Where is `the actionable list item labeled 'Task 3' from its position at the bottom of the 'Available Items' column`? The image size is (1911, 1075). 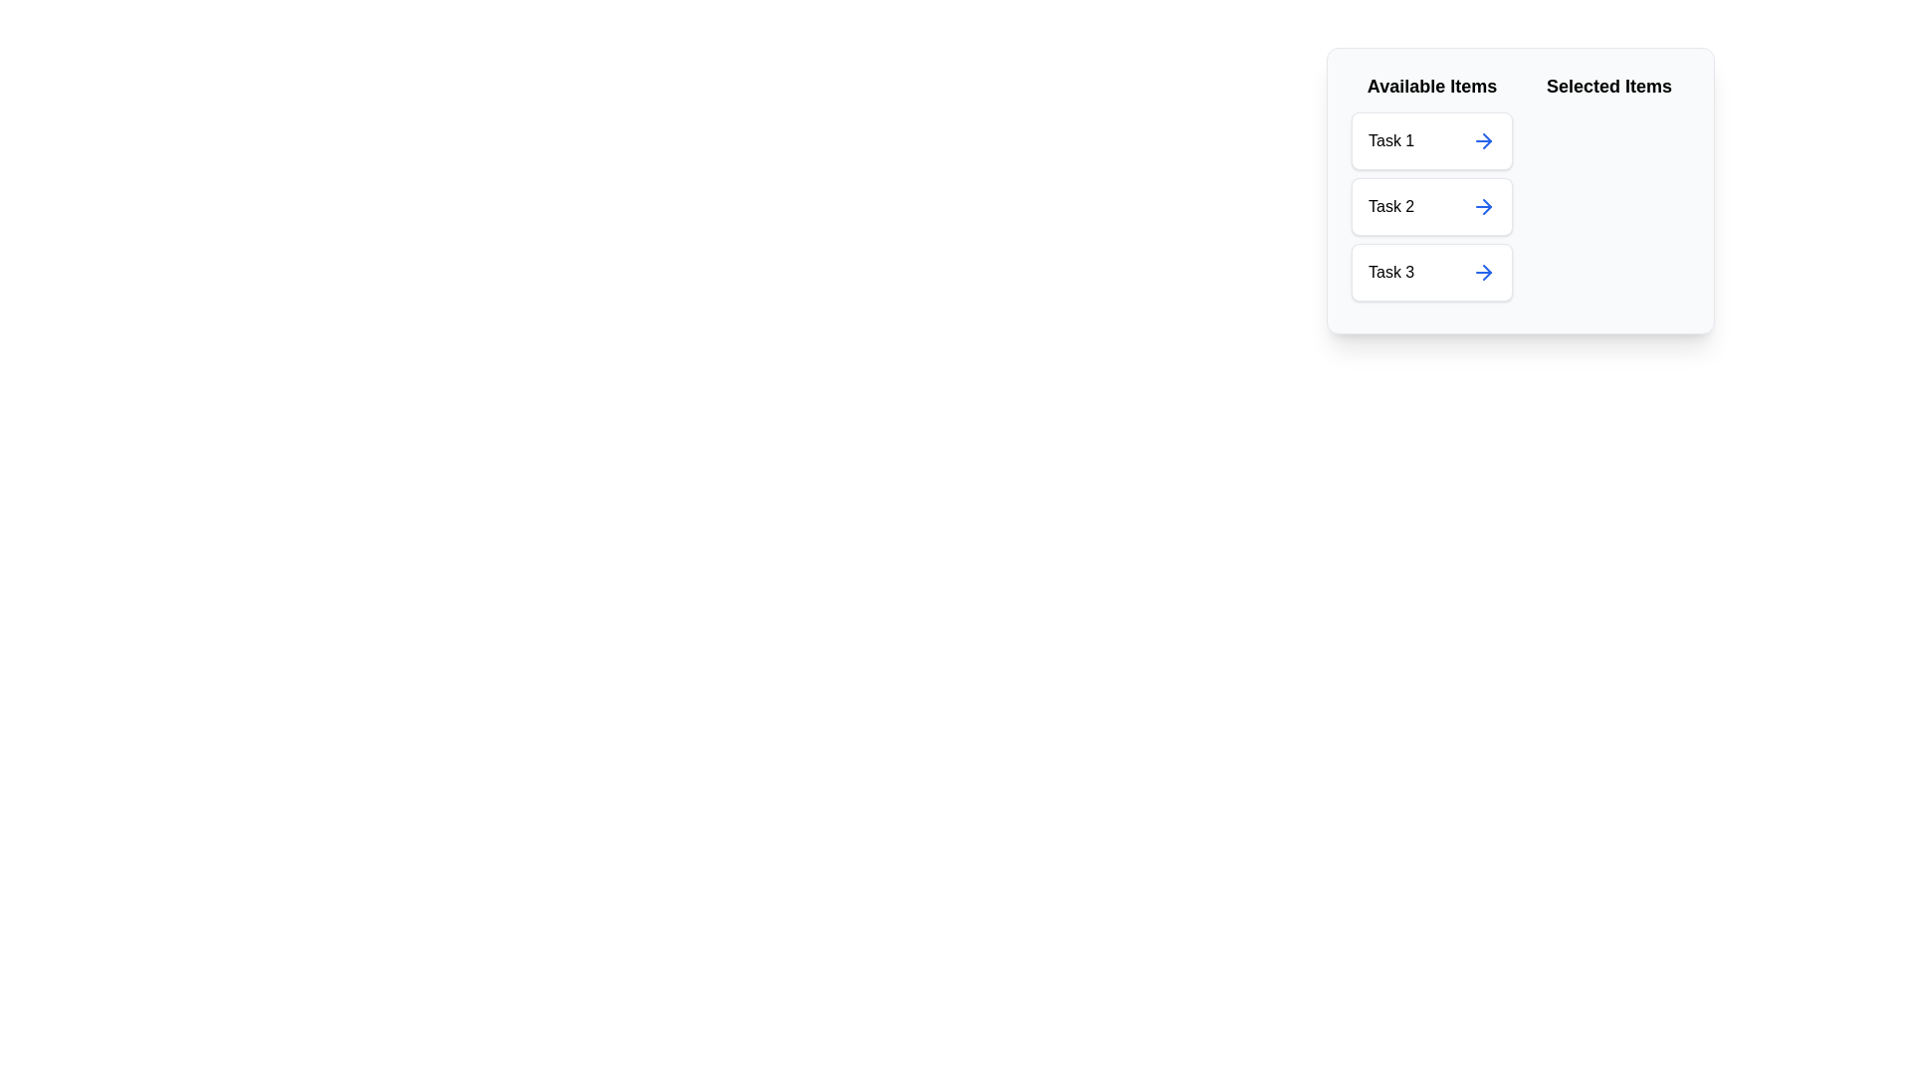 the actionable list item labeled 'Task 3' from its position at the bottom of the 'Available Items' column is located at coordinates (1431, 272).